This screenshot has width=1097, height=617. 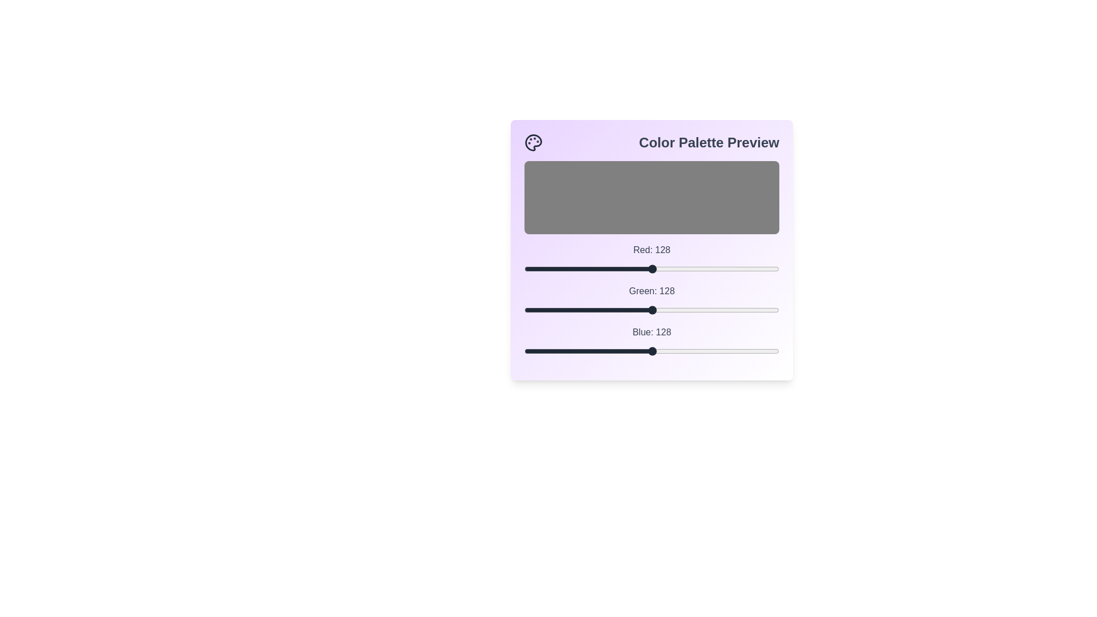 What do you see at coordinates (652, 197) in the screenshot?
I see `the color displayed in the Color preview panel located below the title and above the RGB sliders` at bounding box center [652, 197].